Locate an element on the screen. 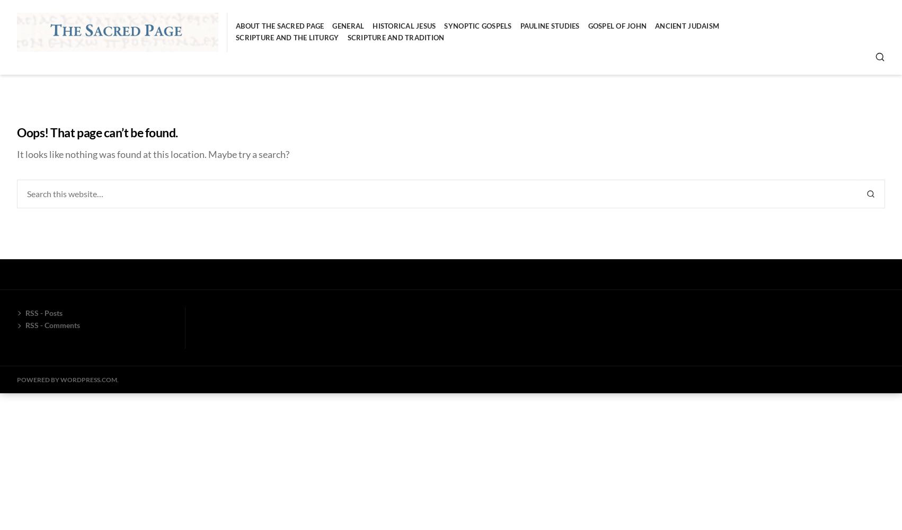 This screenshot has height=530, width=902. 'Gospel of John' is located at coordinates (617, 26).